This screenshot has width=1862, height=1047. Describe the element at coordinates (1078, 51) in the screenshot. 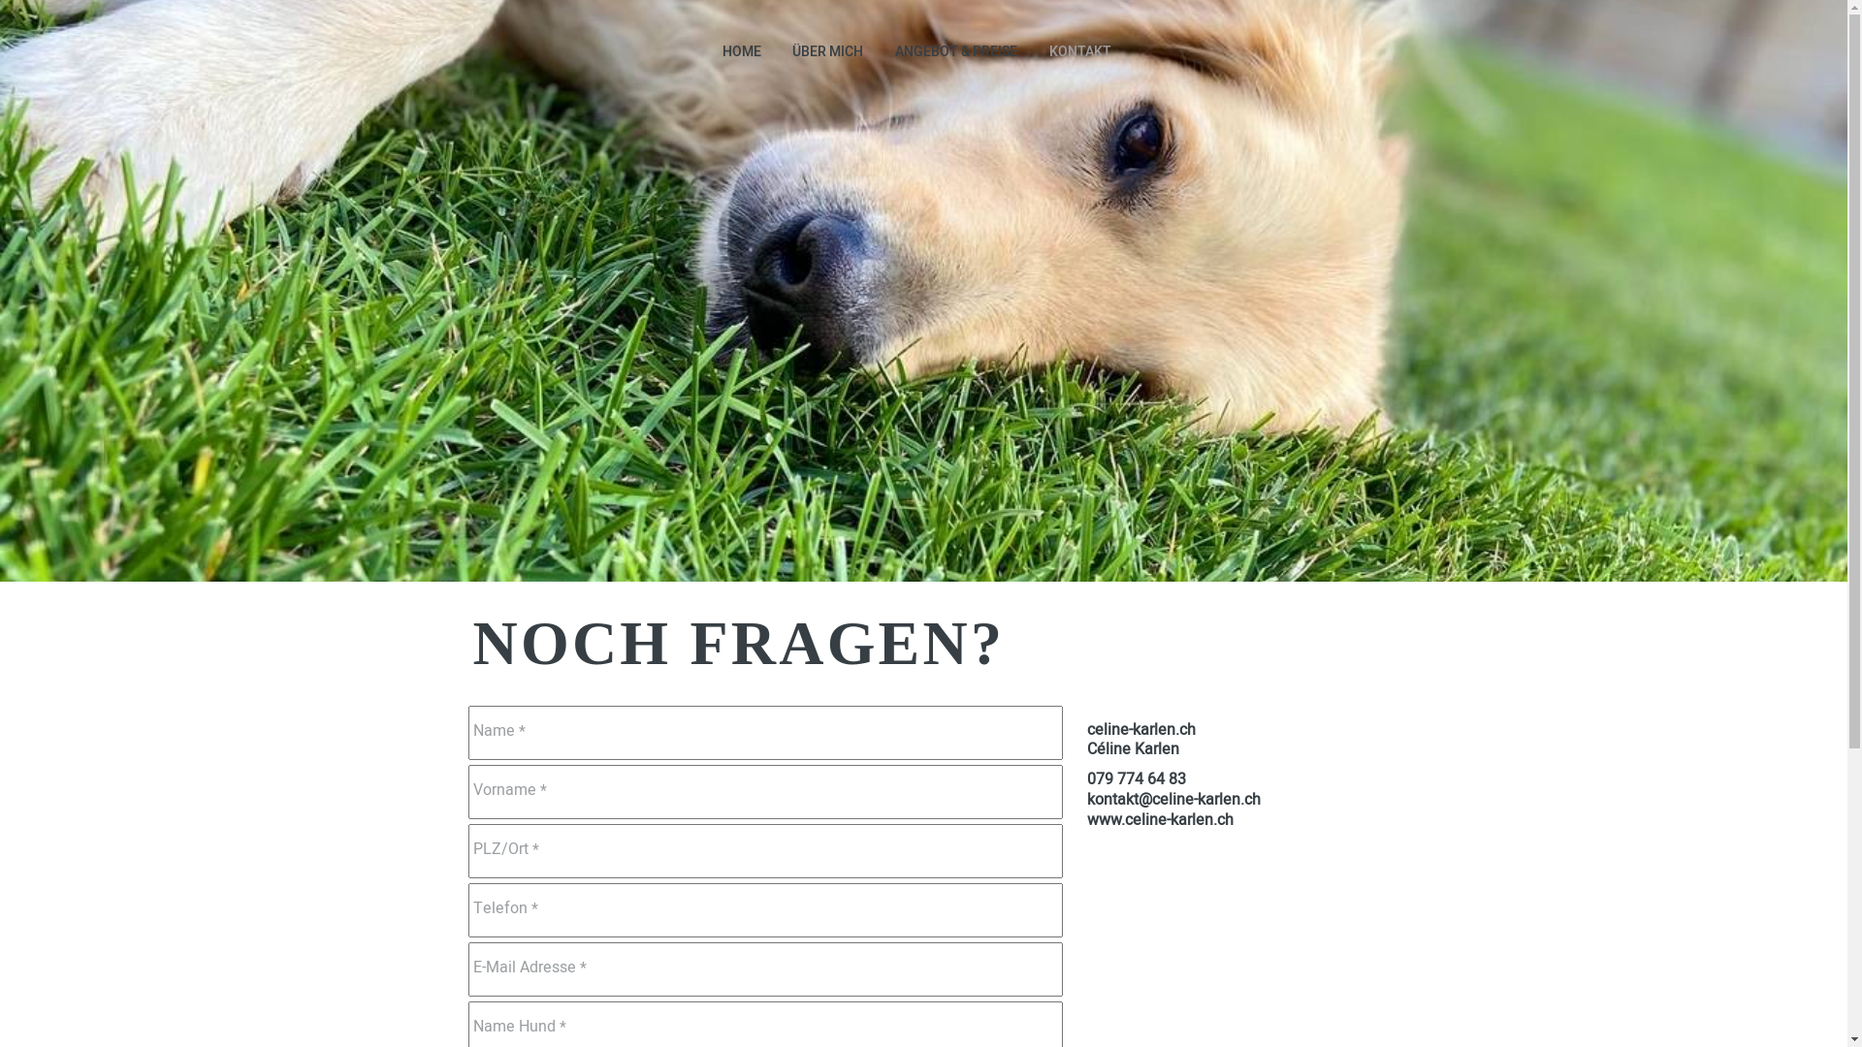

I see `'KONTAKT'` at that location.